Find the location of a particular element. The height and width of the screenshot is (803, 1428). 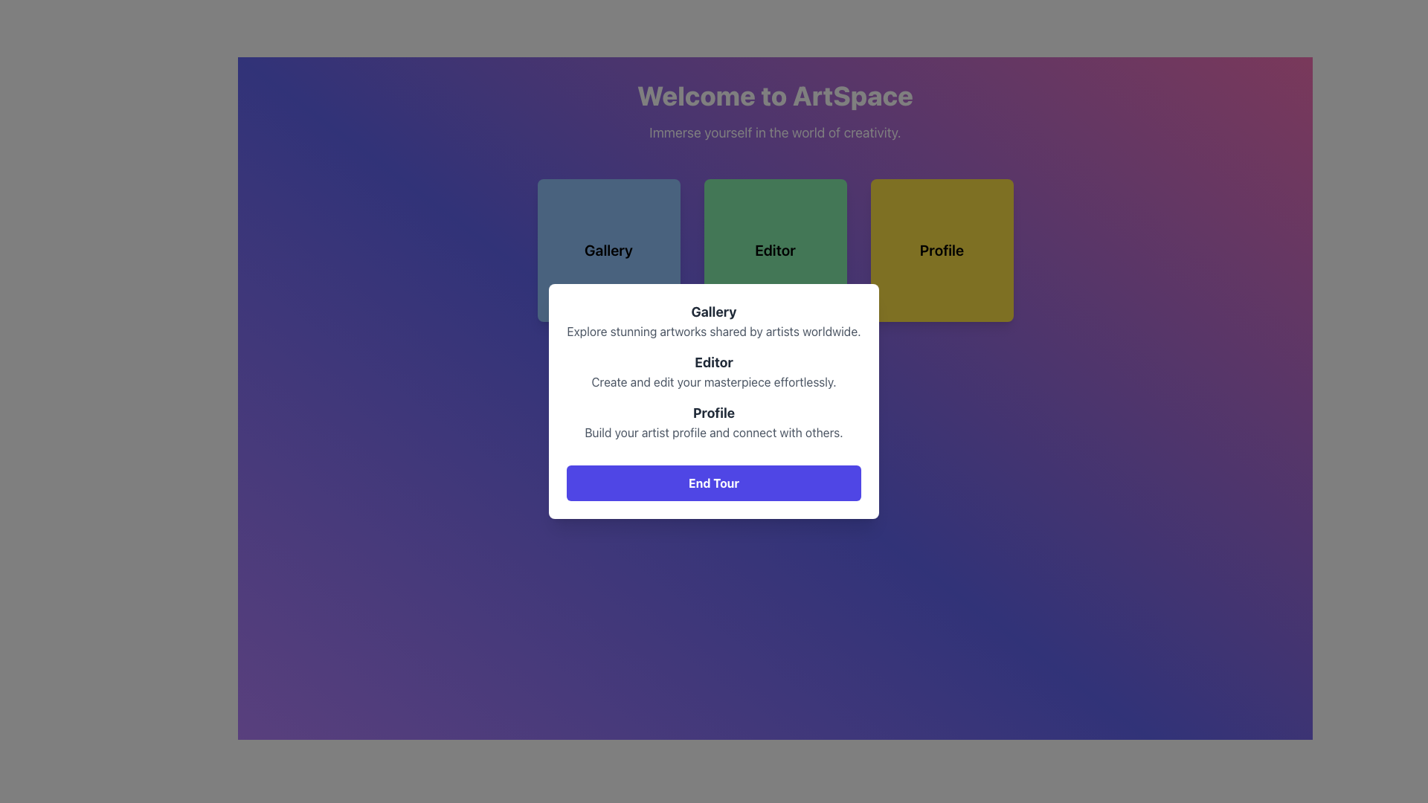

header text that indicates the topic of the section, located centrally within the pop-up card, following the 'Gallery' section and preceding the 'Profile' section is located at coordinates (714, 363).